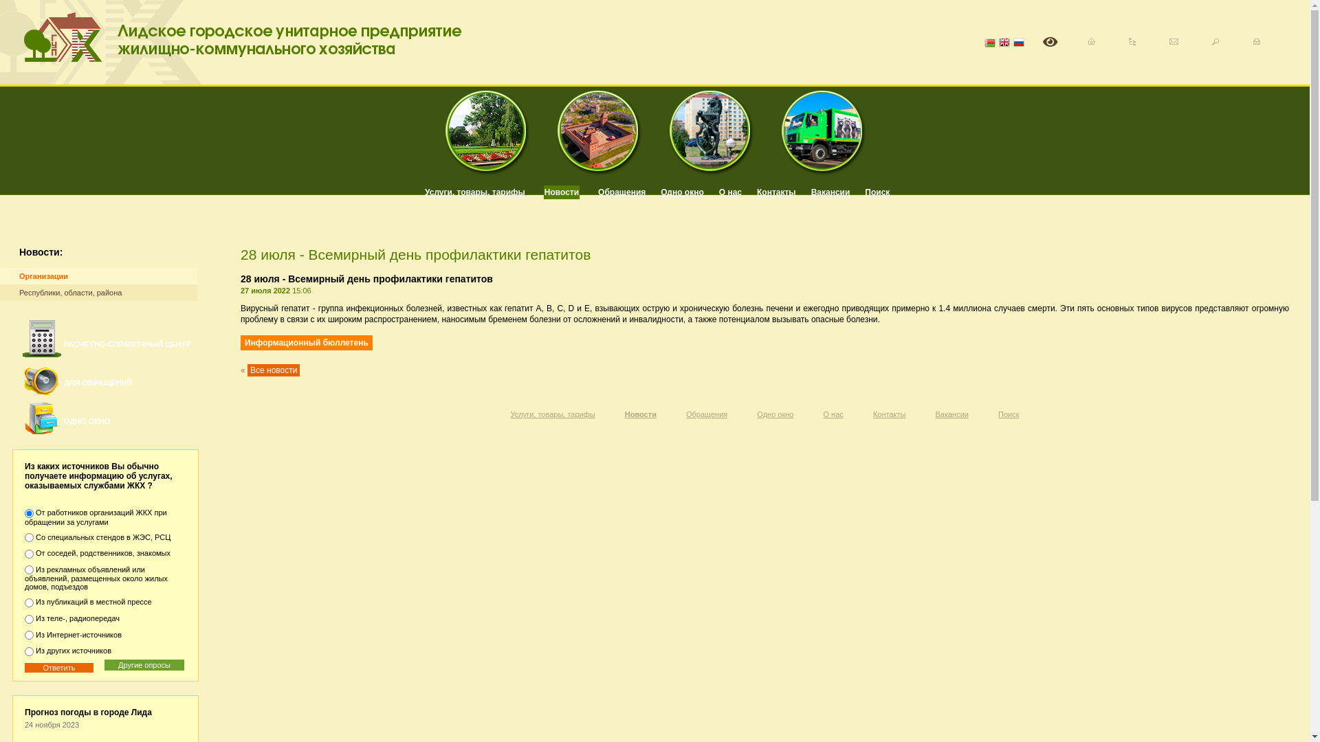 The height and width of the screenshot is (742, 1320). Describe the element at coordinates (983, 43) in the screenshot. I see `'Belarusian'` at that location.